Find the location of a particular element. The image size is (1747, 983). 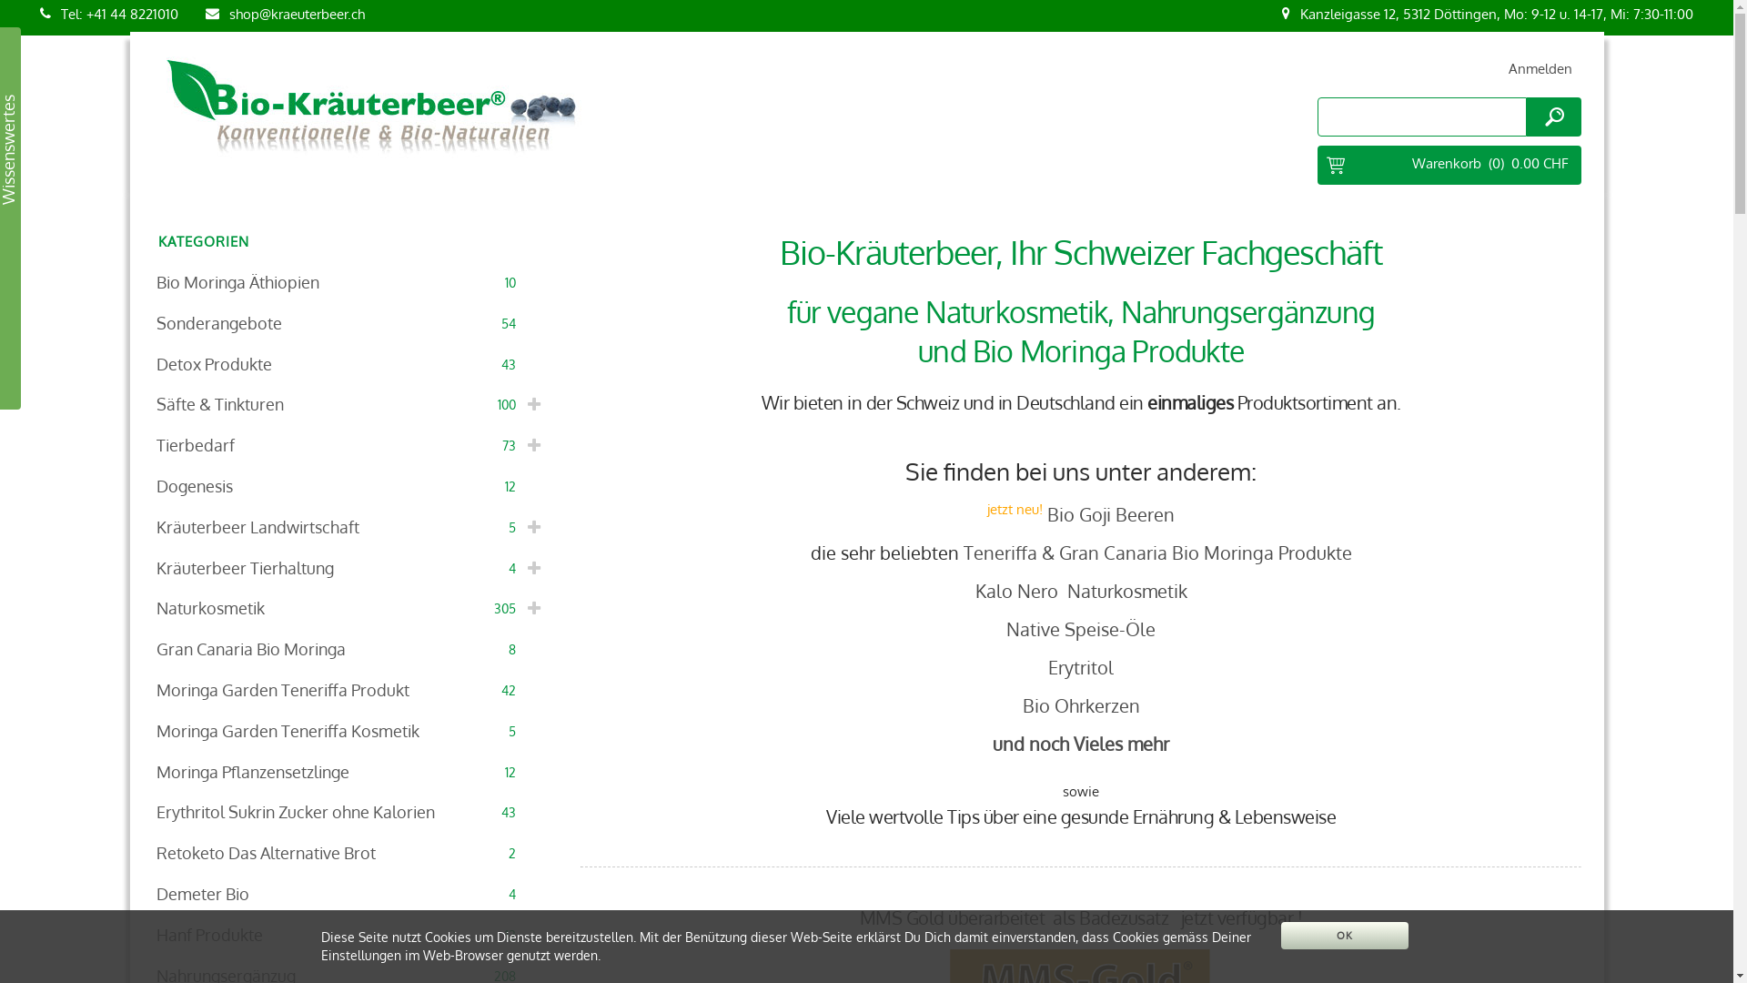

'Anmelden' is located at coordinates (1540, 67).